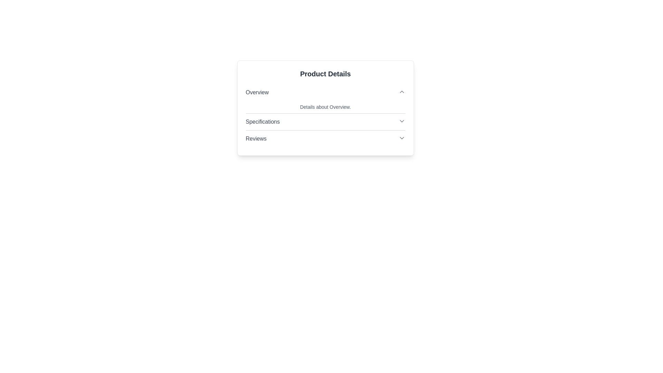 The width and height of the screenshot is (663, 373). What do you see at coordinates (325, 122) in the screenshot?
I see `the second interactive row in the 'Product Details' section` at bounding box center [325, 122].